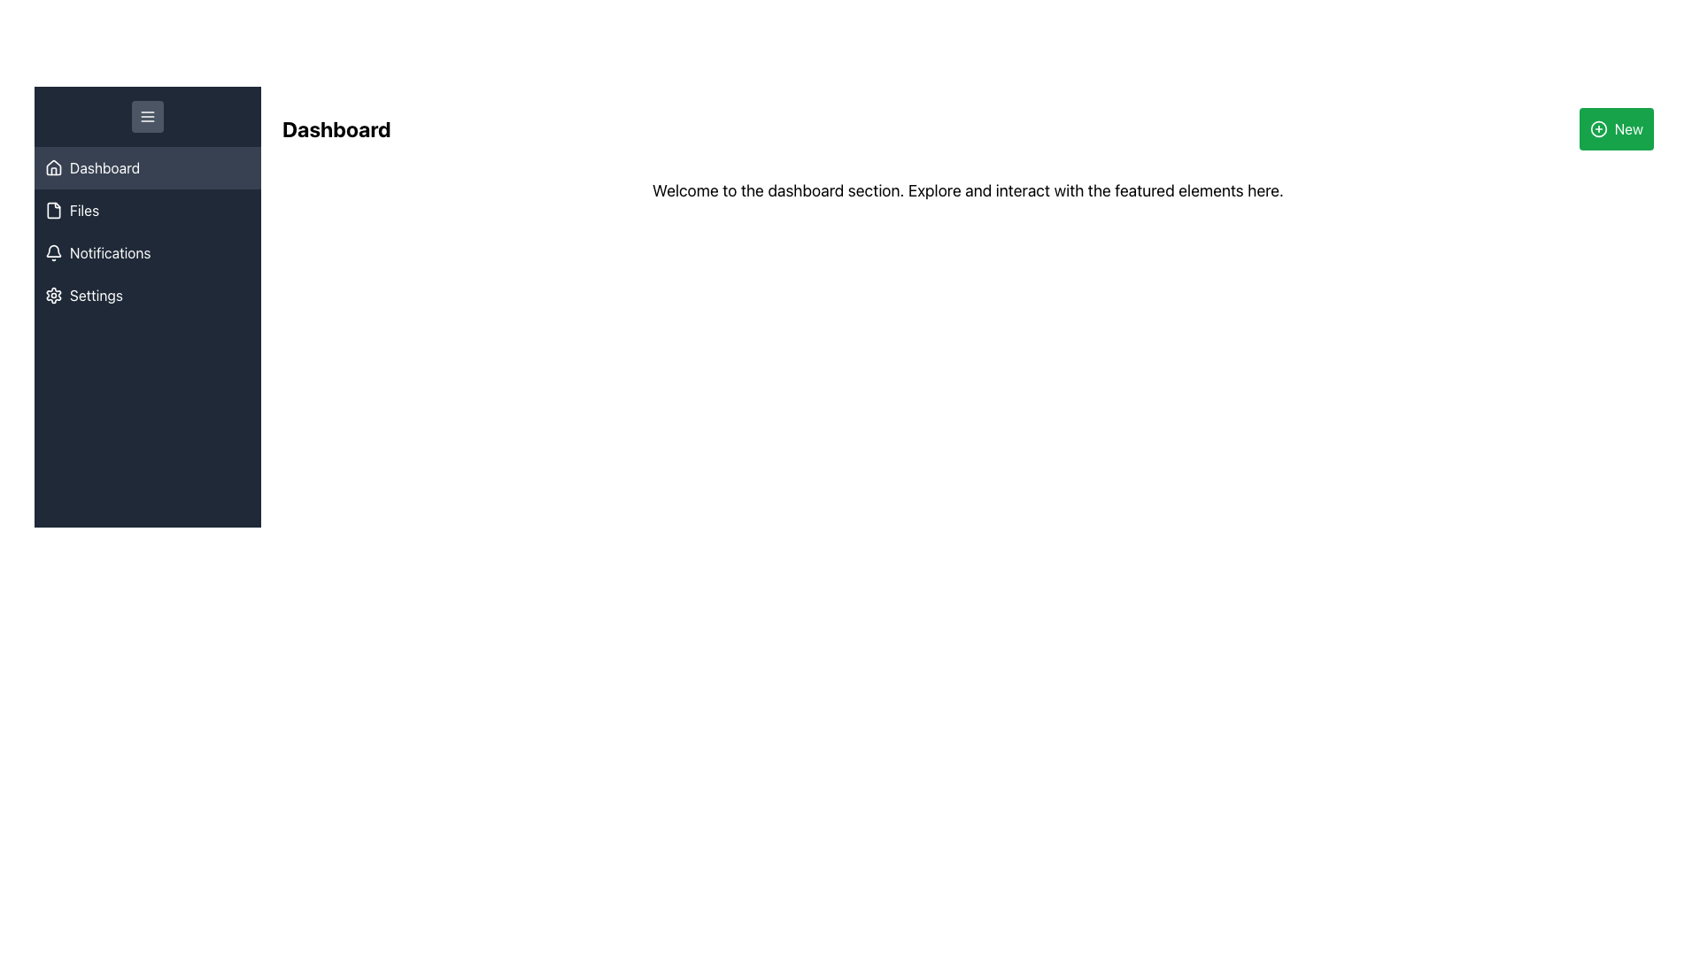 The height and width of the screenshot is (956, 1700). I want to click on the 'Files' icon in the navigation bar, so click(54, 210).